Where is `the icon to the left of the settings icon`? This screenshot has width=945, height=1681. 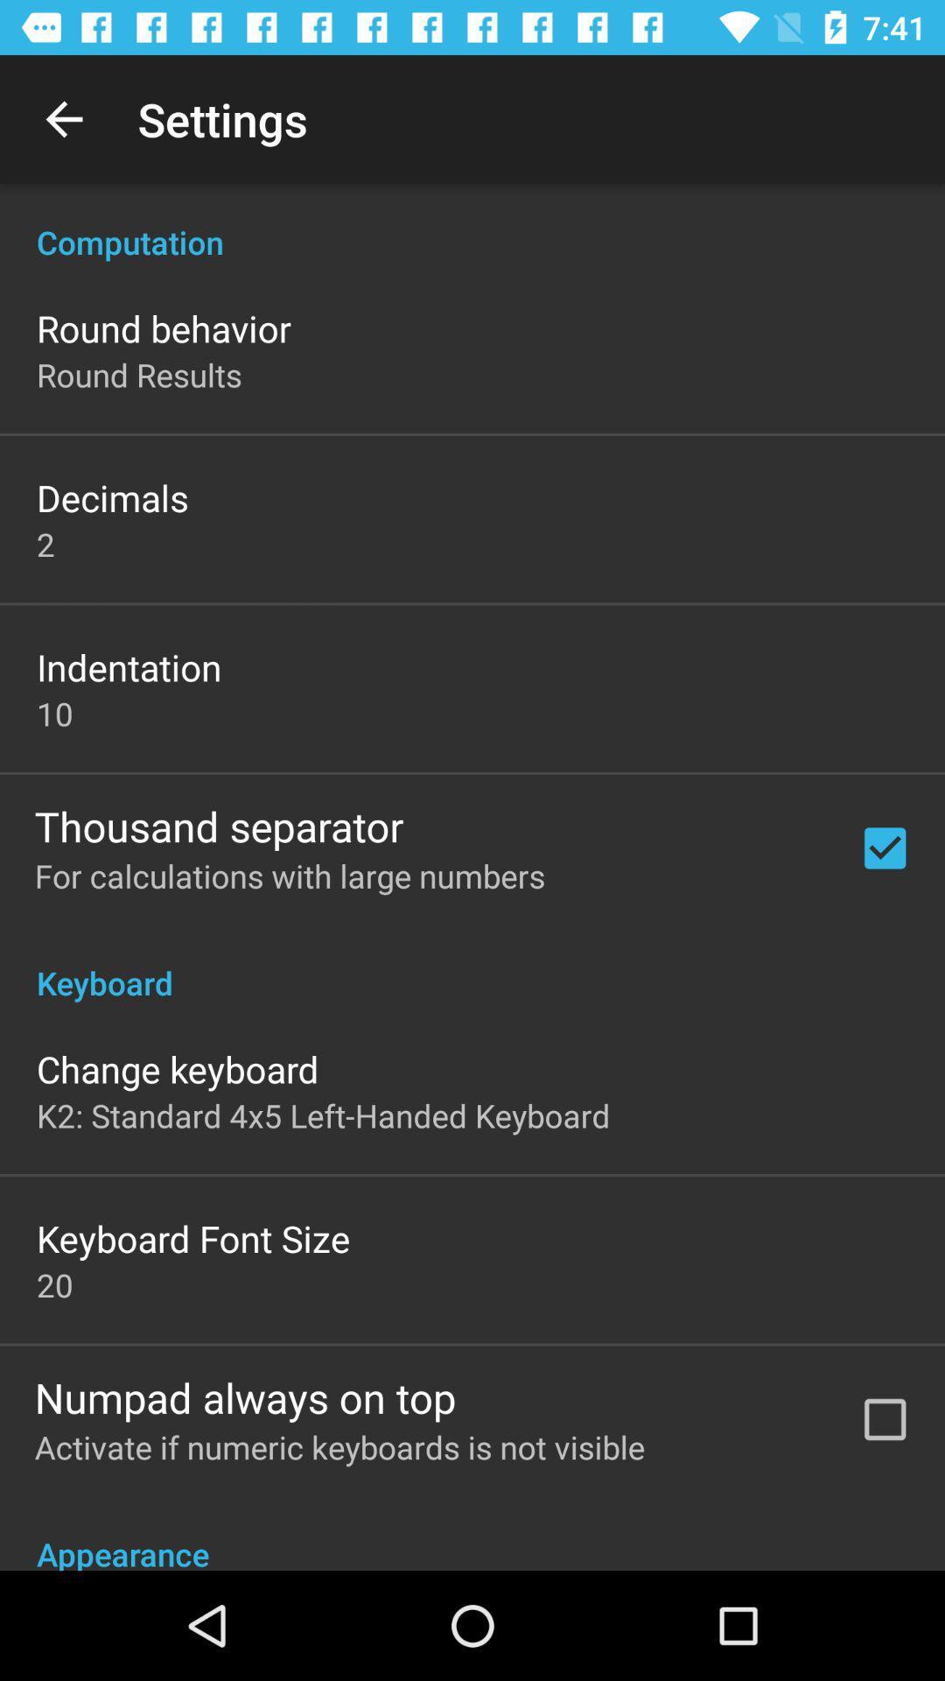 the icon to the left of the settings icon is located at coordinates (63, 118).